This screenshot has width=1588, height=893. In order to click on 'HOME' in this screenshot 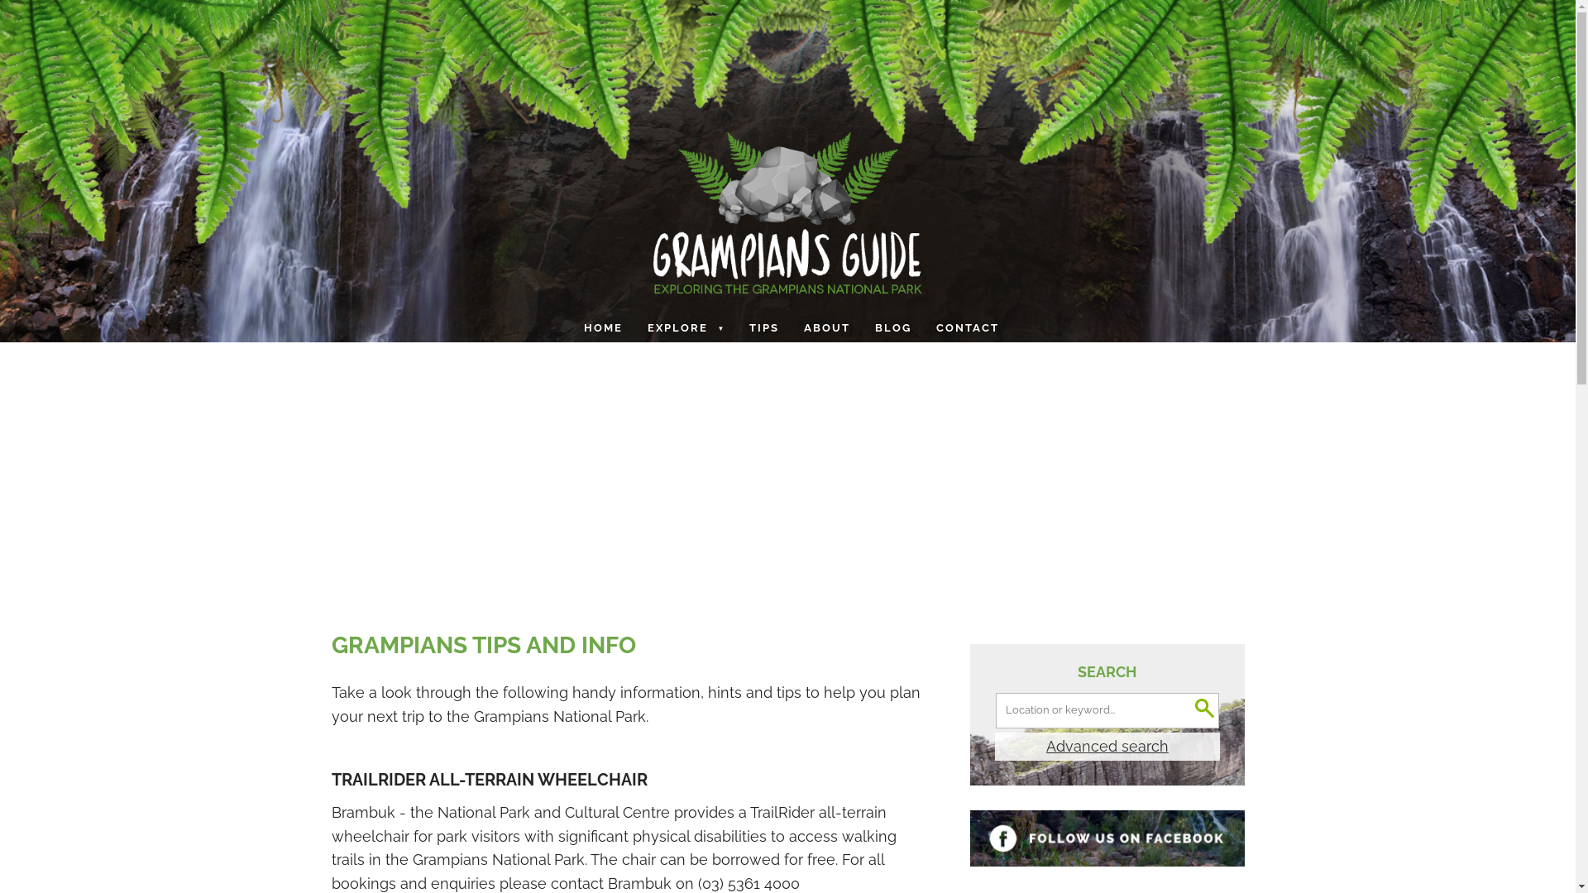, I will do `click(604, 328)`.